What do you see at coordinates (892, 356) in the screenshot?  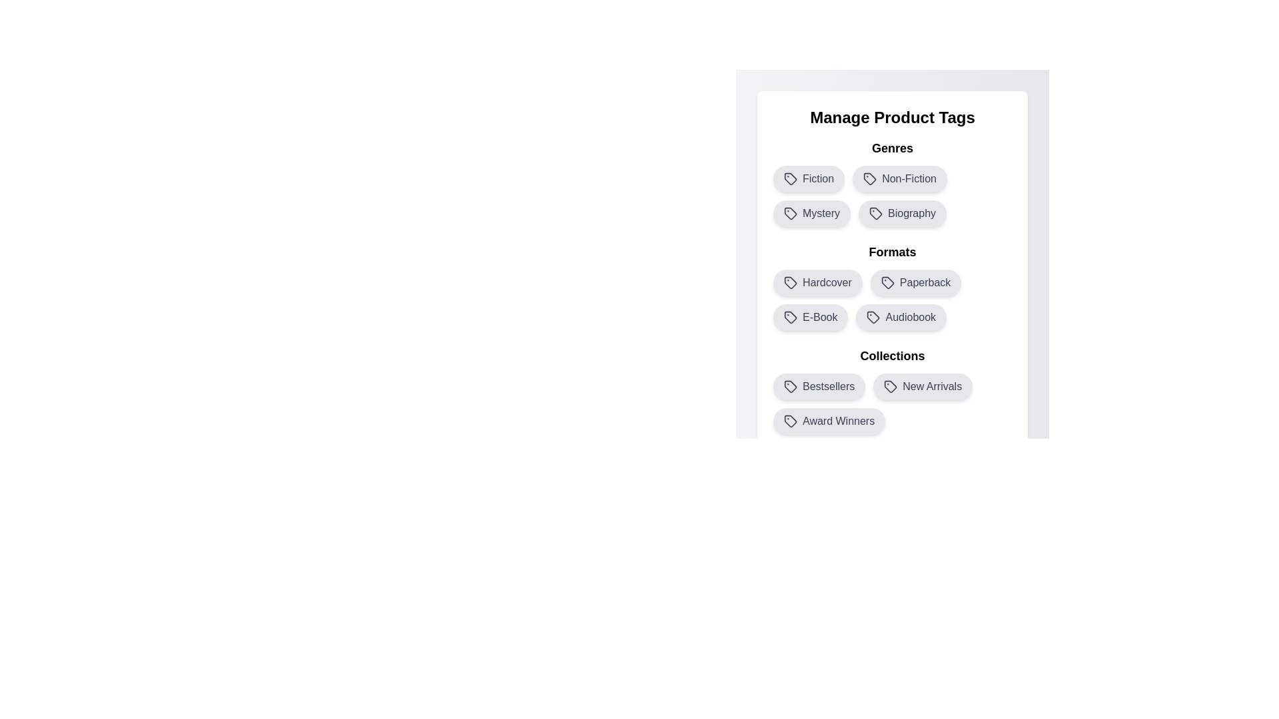 I see `the bold text label 'Collections' located in the center of the page, just above the buttons 'Bestsellers' and 'New Arrivals'` at bounding box center [892, 356].